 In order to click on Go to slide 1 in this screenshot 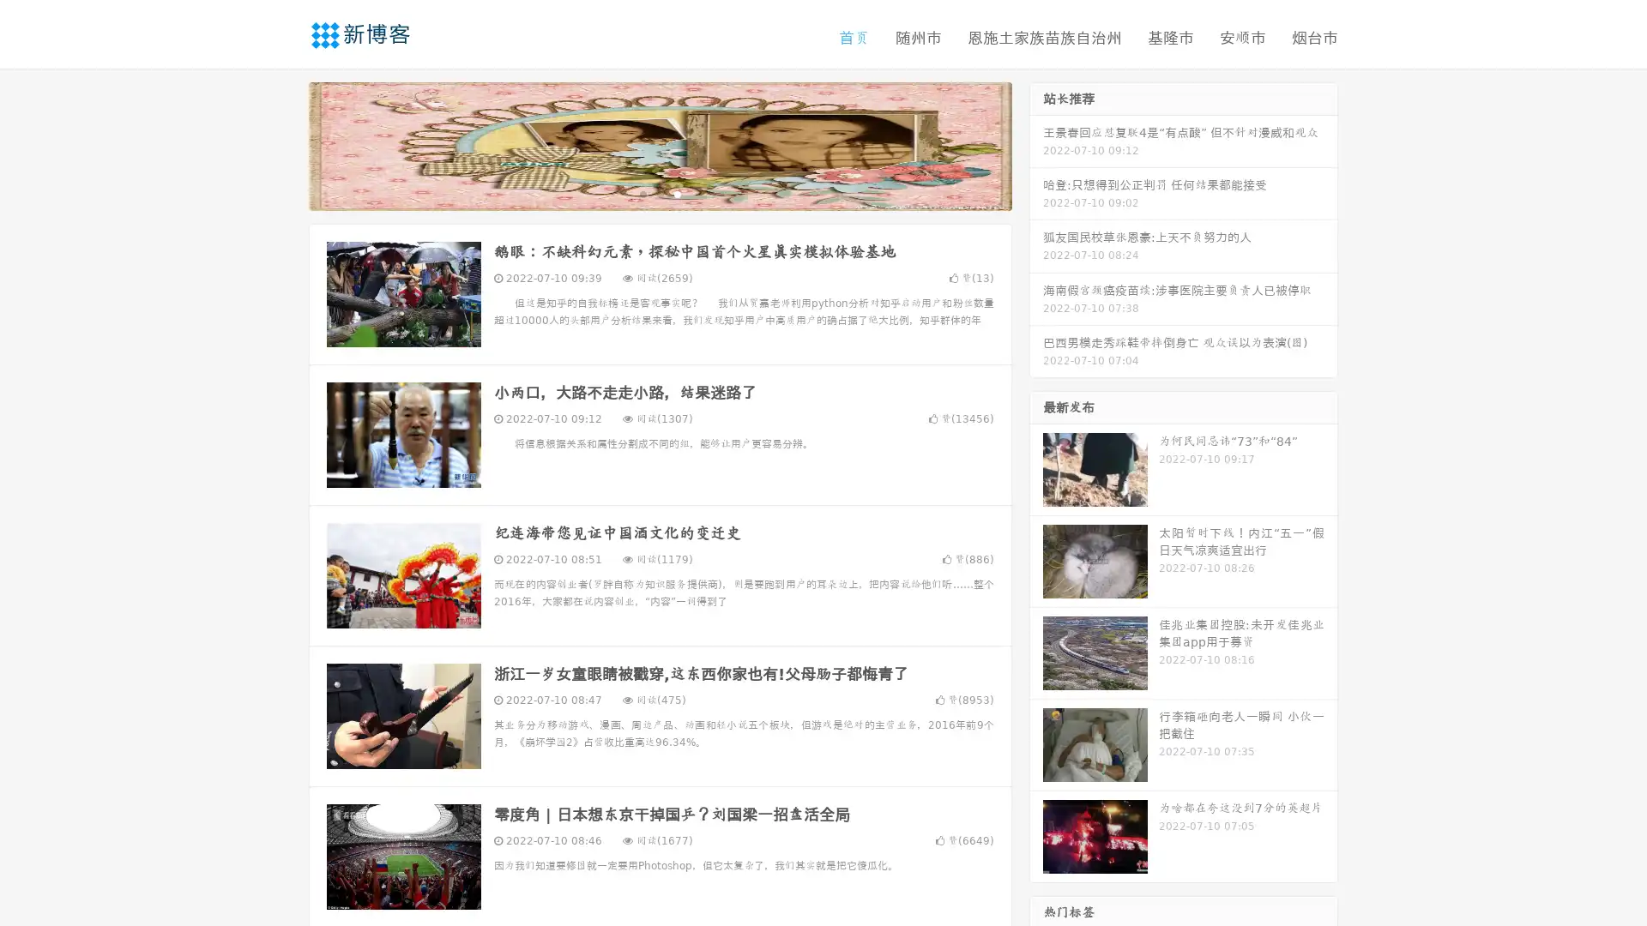, I will do `click(642, 193)`.